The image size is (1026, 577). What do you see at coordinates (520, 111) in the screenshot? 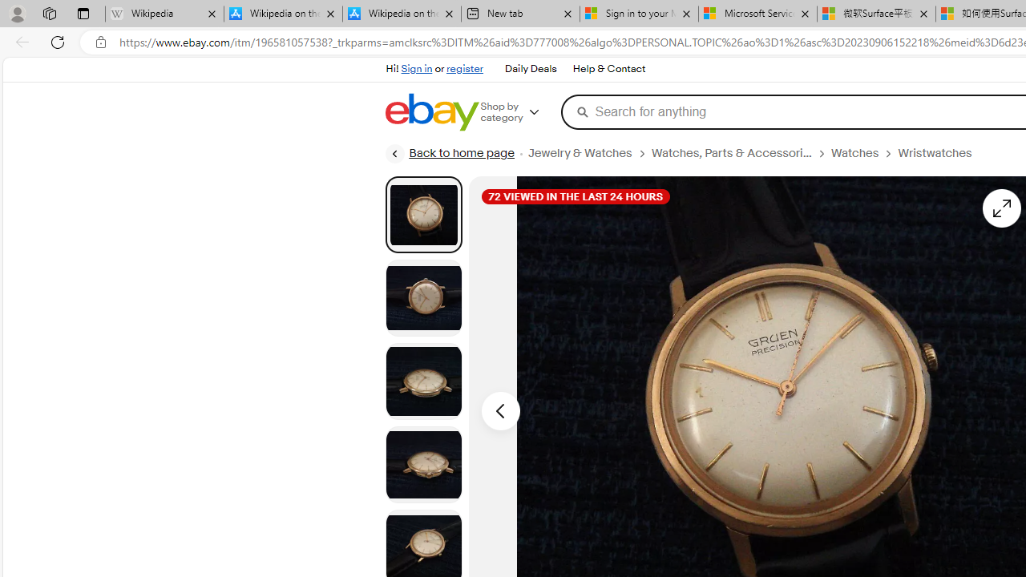
I see `'Shop by category'` at bounding box center [520, 111].